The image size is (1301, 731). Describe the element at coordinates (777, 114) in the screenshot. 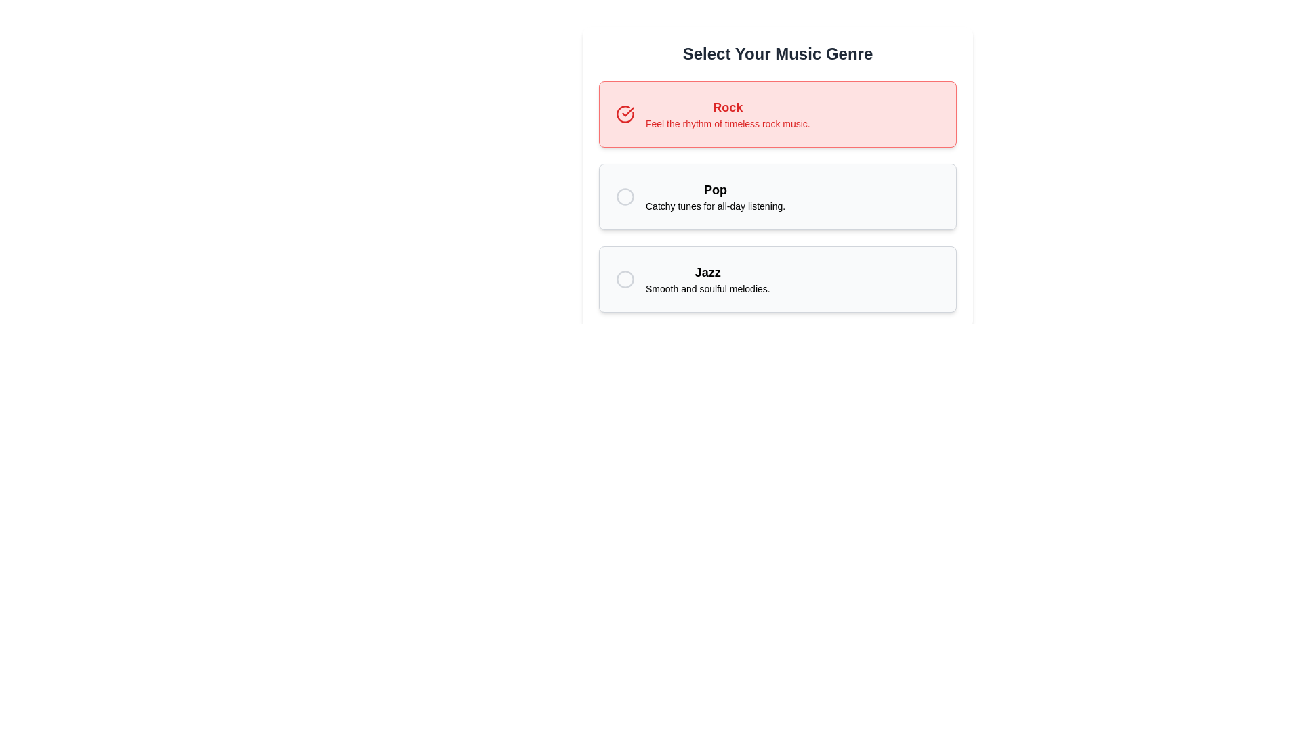

I see `the selectable option for 'Rock' music genre in the music genre selection panel, which is the first option in a vertical list` at that location.